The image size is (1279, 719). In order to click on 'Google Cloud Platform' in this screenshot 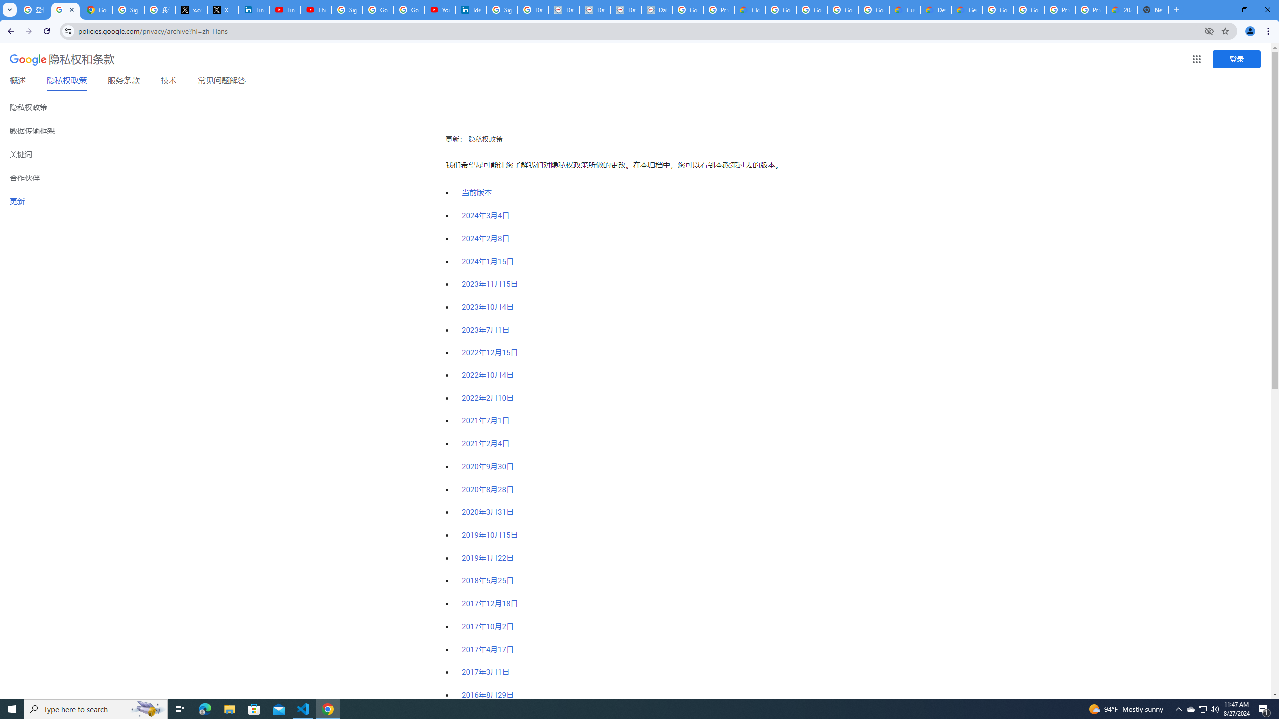, I will do `click(1028, 9)`.